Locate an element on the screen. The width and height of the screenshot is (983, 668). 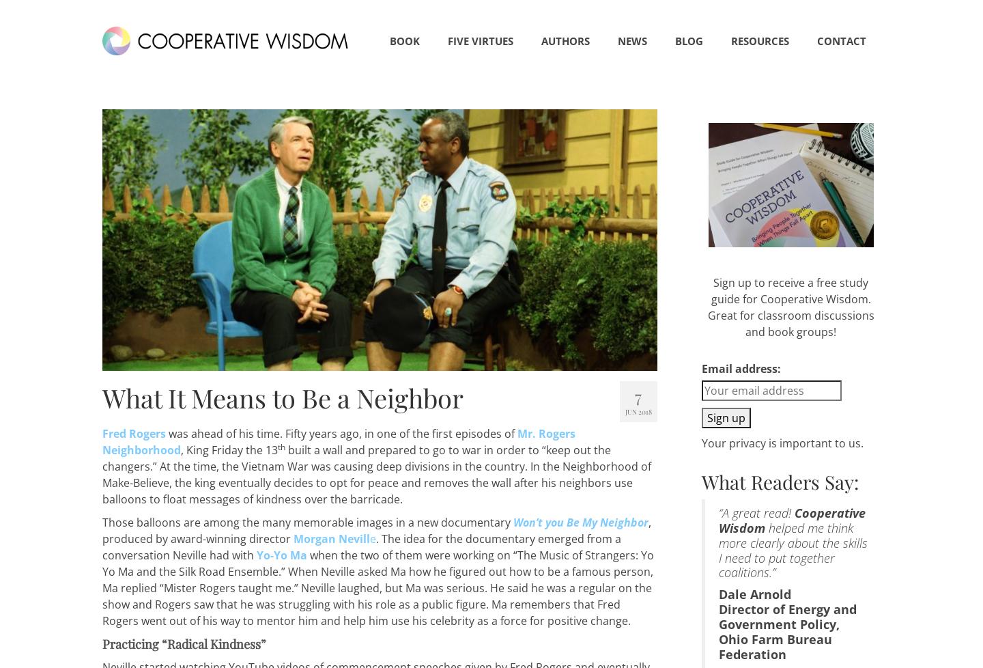
'Email address:' is located at coordinates (701, 367).